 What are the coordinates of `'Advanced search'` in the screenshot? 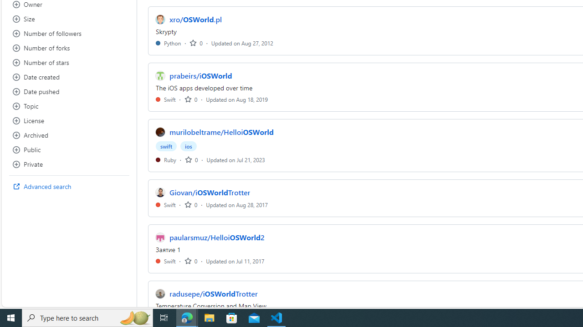 It's located at (69, 186).